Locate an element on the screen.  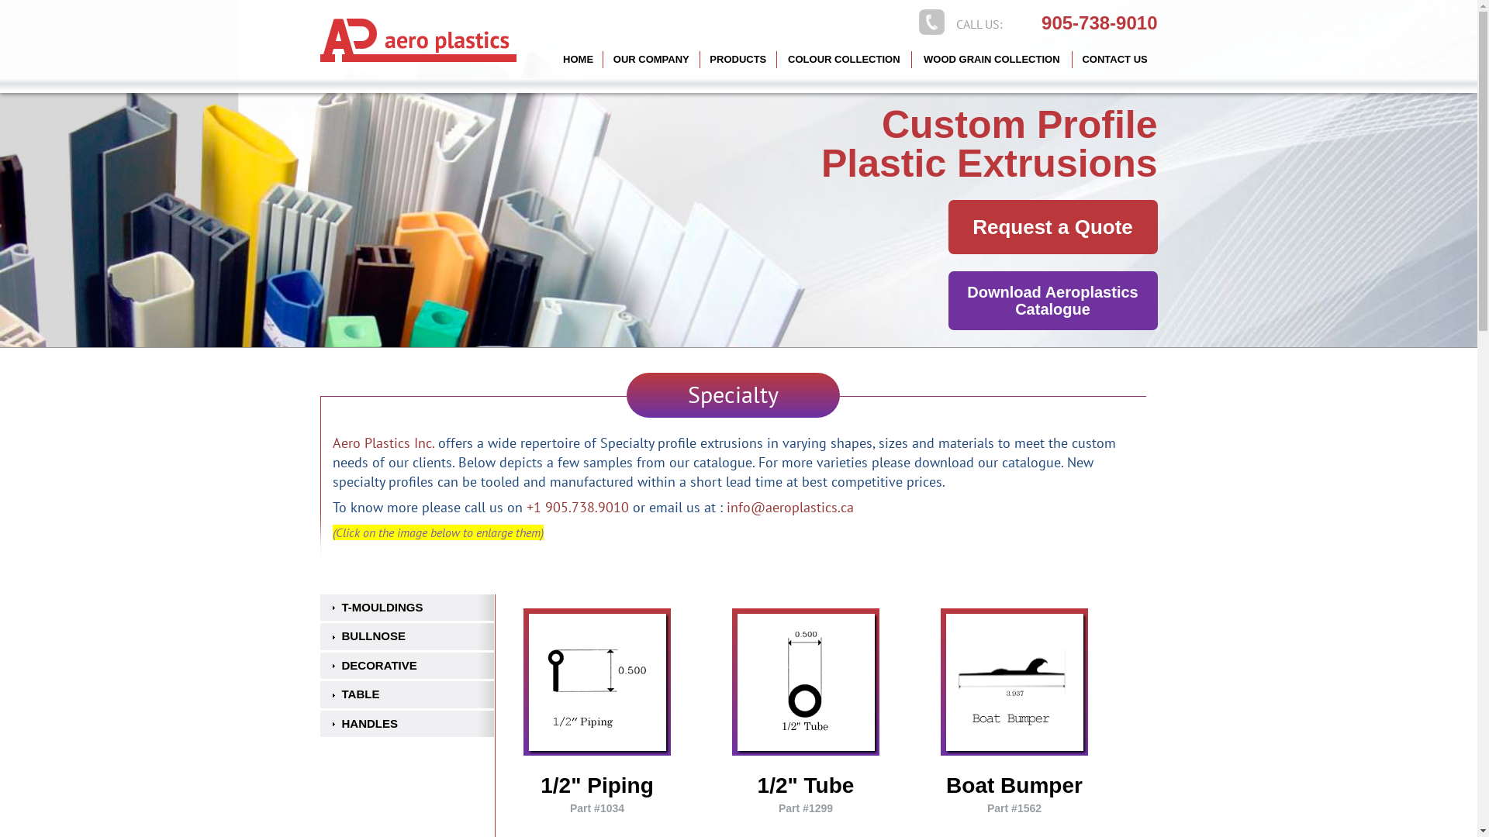
'CONTACT US' is located at coordinates (1114, 59).